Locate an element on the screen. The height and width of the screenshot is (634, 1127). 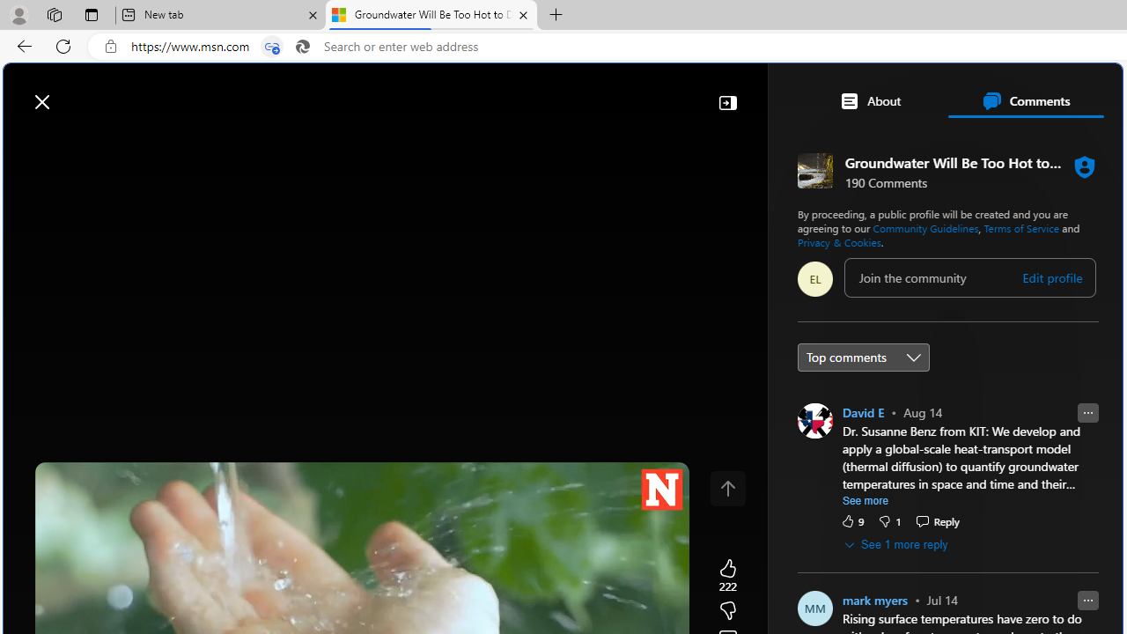
'Search icon' is located at coordinates (302, 46).